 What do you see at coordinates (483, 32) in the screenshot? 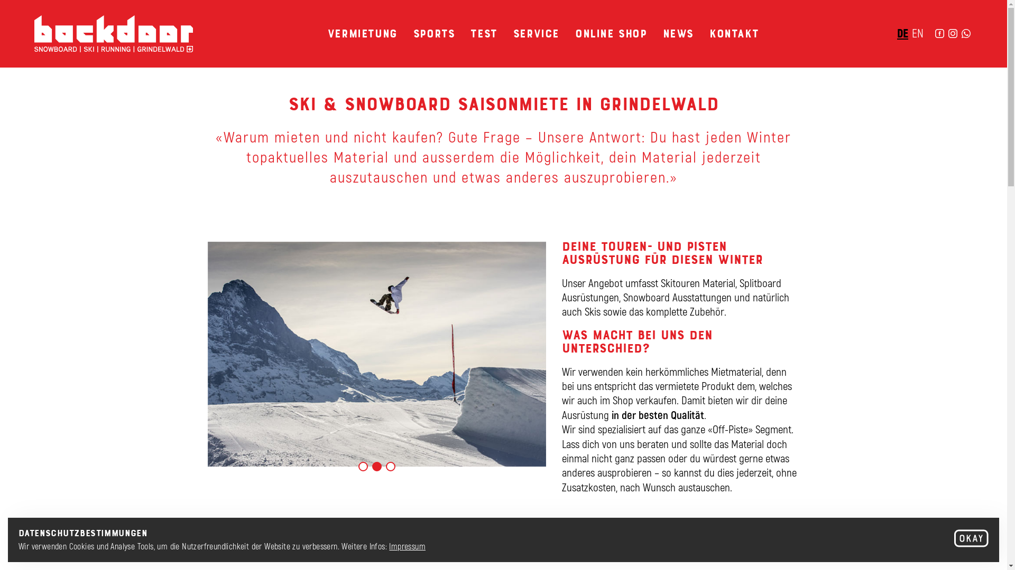
I see `'Test'` at bounding box center [483, 32].